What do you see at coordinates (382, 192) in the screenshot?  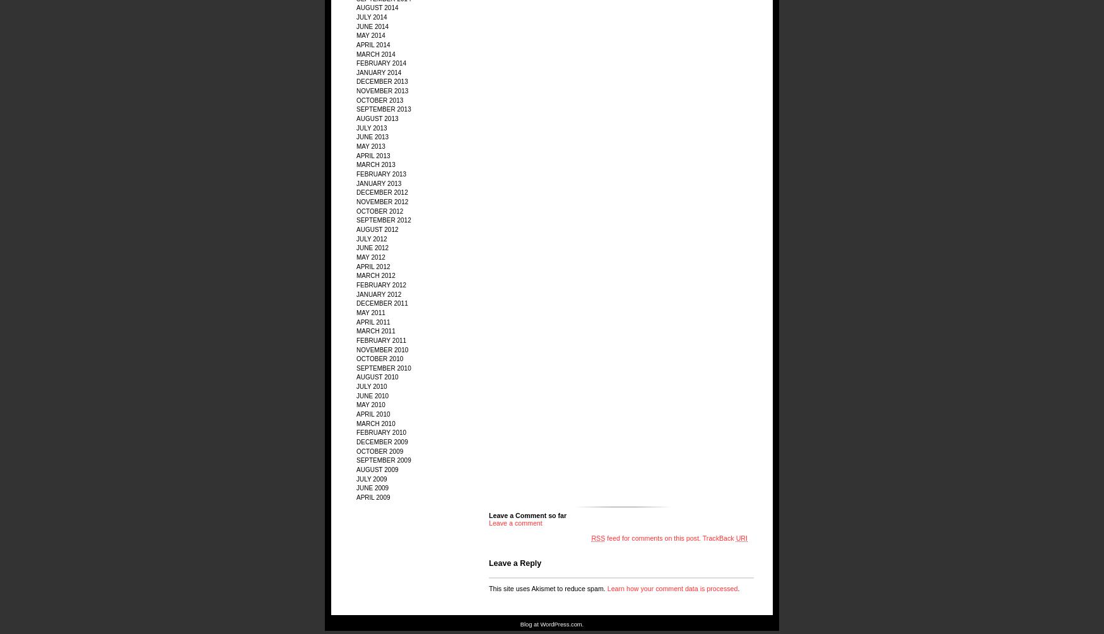 I see `'December 2012'` at bounding box center [382, 192].